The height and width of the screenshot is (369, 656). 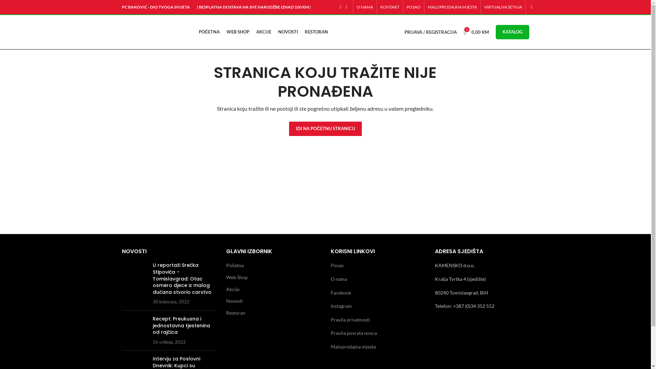 I want to click on 'Facebook', so click(x=341, y=292).